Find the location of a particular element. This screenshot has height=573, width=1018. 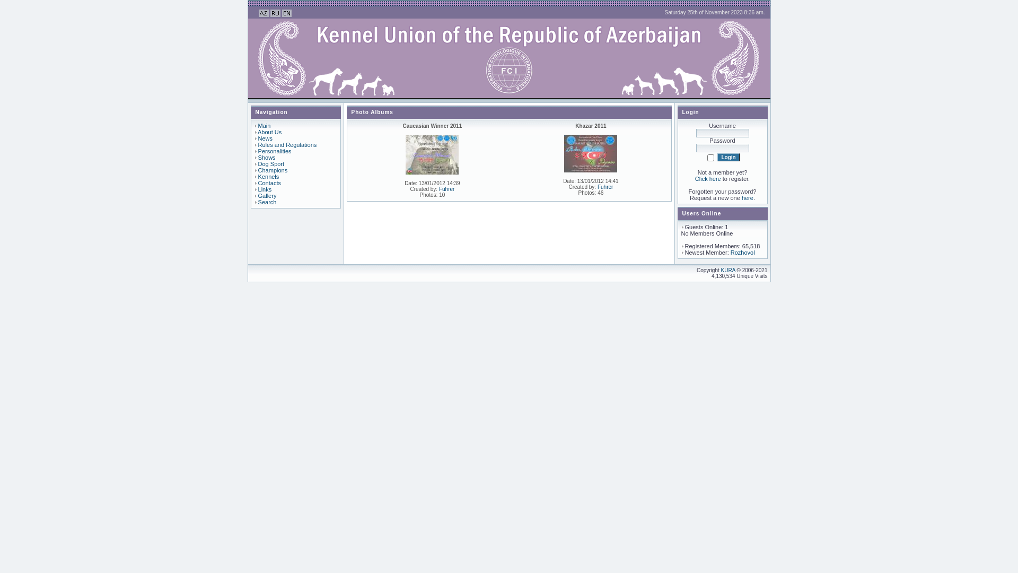

'Champions' is located at coordinates (273, 169).